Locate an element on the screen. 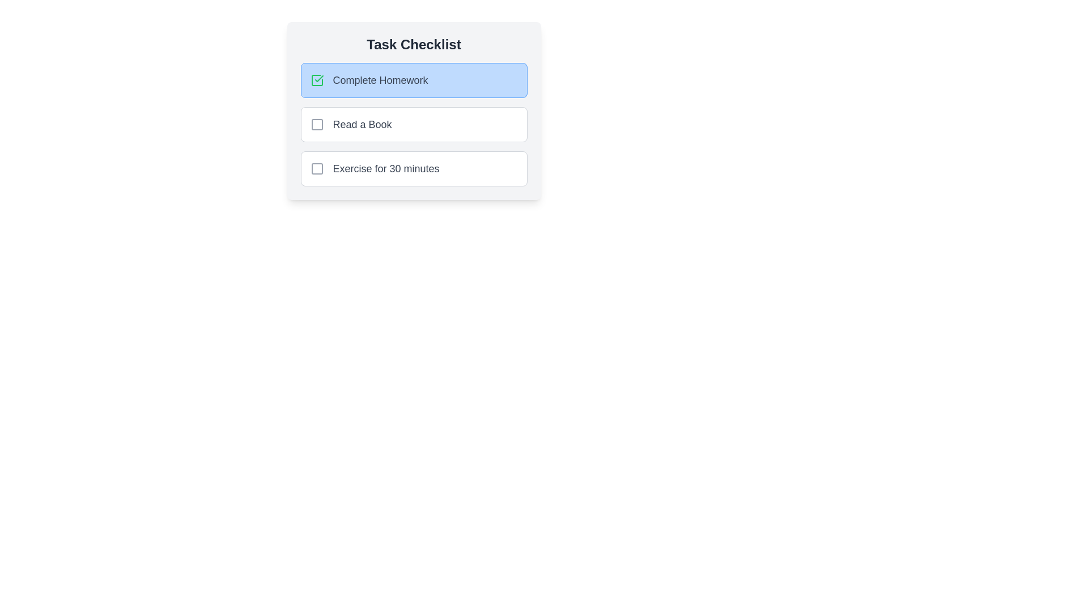 The image size is (1088, 612). the text of the first task in the checklist is located at coordinates (332, 72).